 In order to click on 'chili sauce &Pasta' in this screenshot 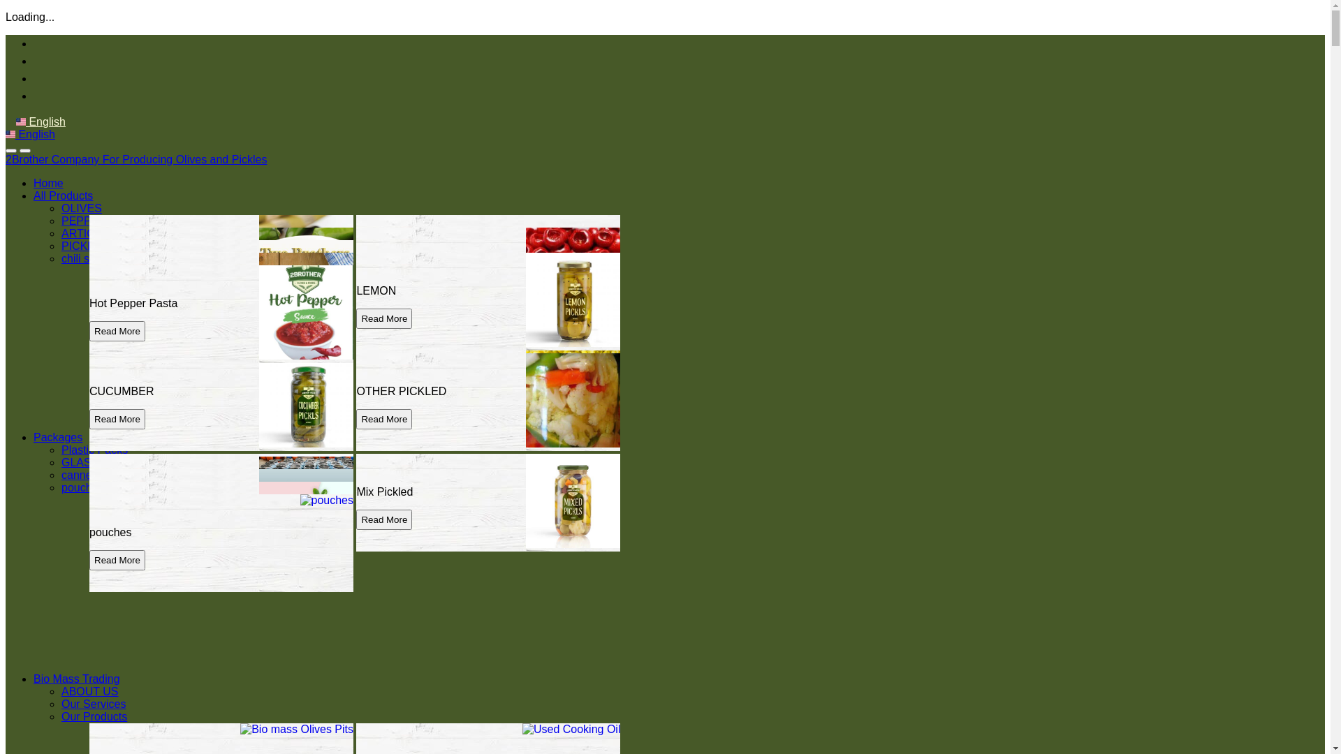, I will do `click(106, 258)`.